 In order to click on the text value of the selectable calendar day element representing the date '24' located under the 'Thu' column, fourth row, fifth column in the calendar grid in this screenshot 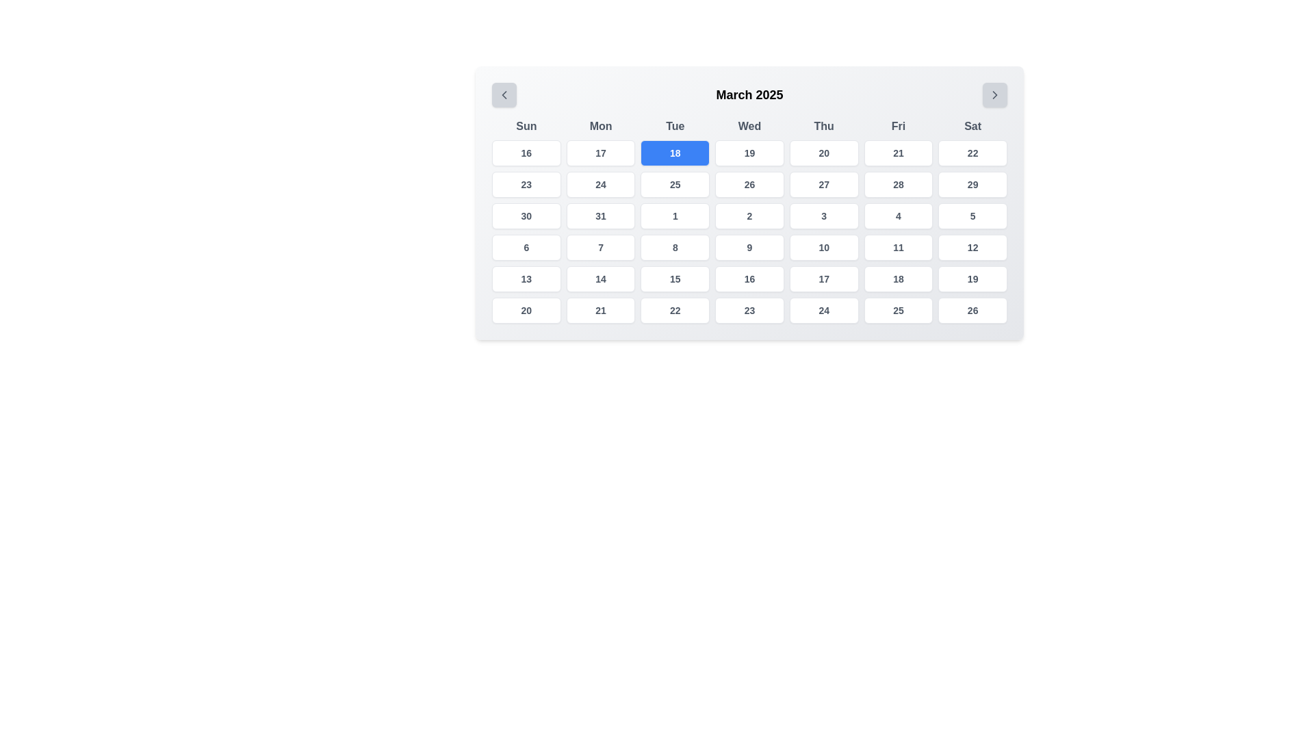, I will do `click(823, 311)`.